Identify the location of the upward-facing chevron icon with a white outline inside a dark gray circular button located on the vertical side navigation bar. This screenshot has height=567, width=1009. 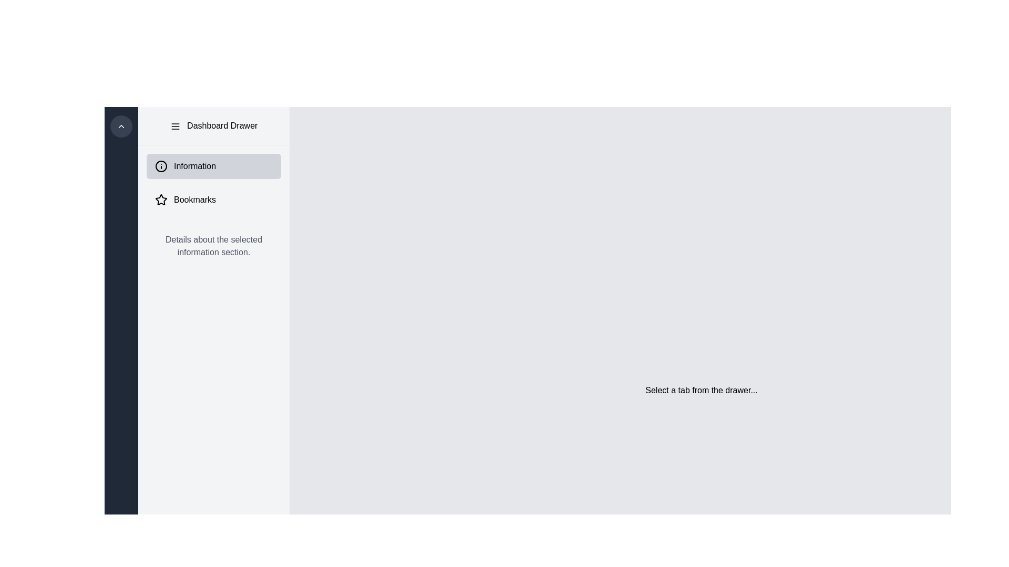
(121, 125).